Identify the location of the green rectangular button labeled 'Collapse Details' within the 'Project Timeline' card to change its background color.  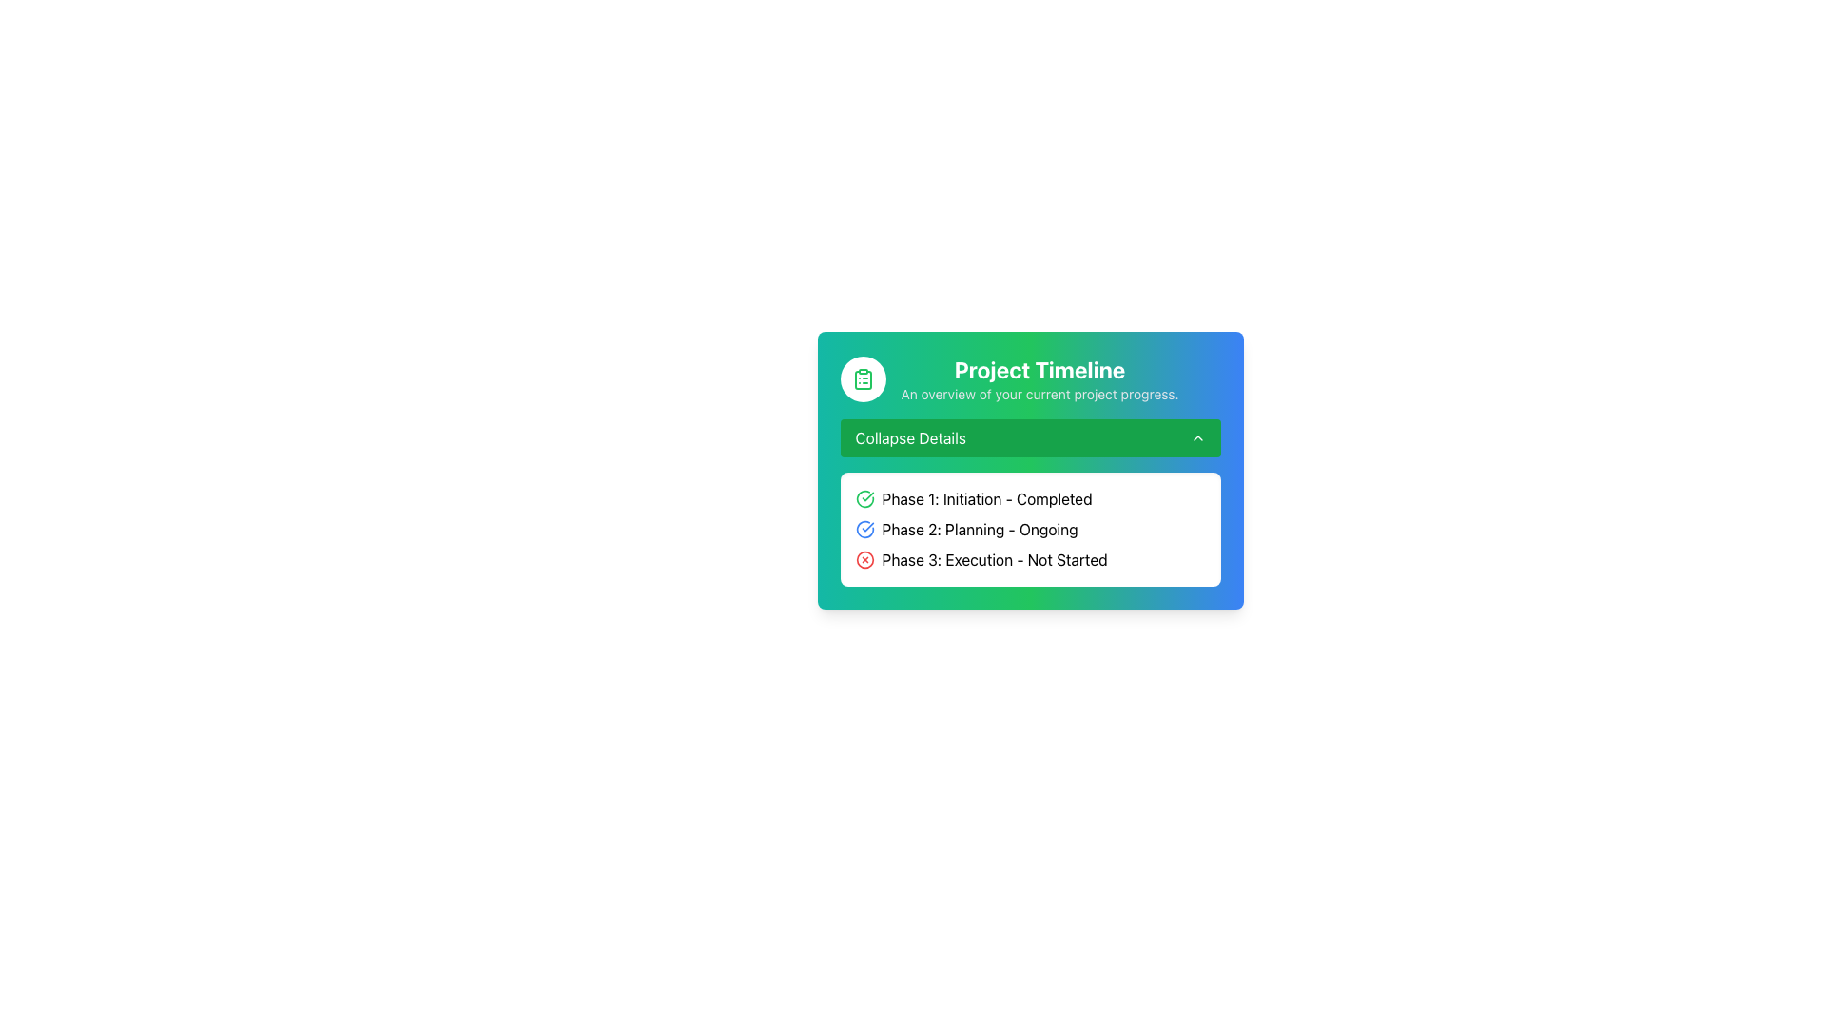
(1029, 438).